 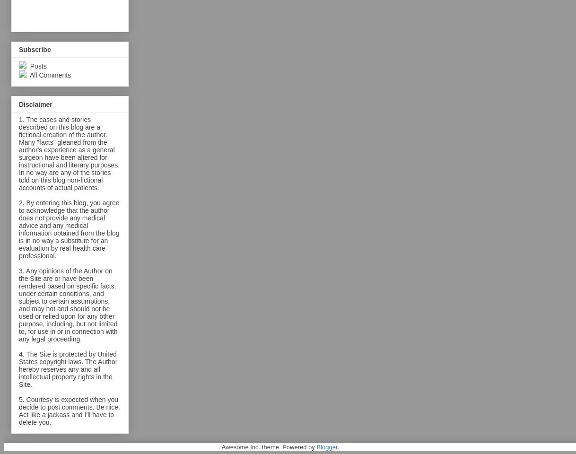 I want to click on '1. The cases and stories described on this blog are a fictional creation of the author. Many "facts" gleaned from the author's experience as a general surgeon have been altered for instructional and literary purposes. In no way are any of the stories told on this blog non-fictional accounts of actual patients.', so click(x=18, y=153).